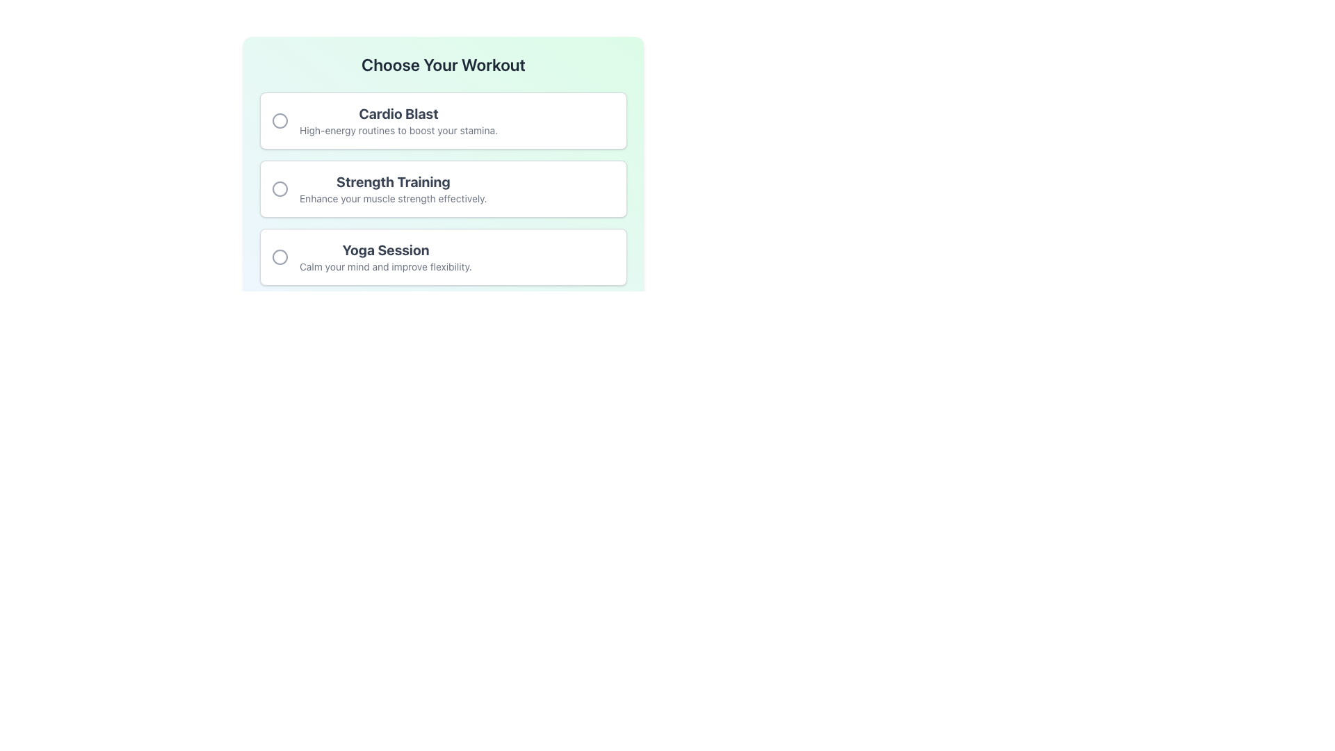 The width and height of the screenshot is (1335, 751). What do you see at coordinates (443, 189) in the screenshot?
I see `the selectable option in the workout selection menu` at bounding box center [443, 189].